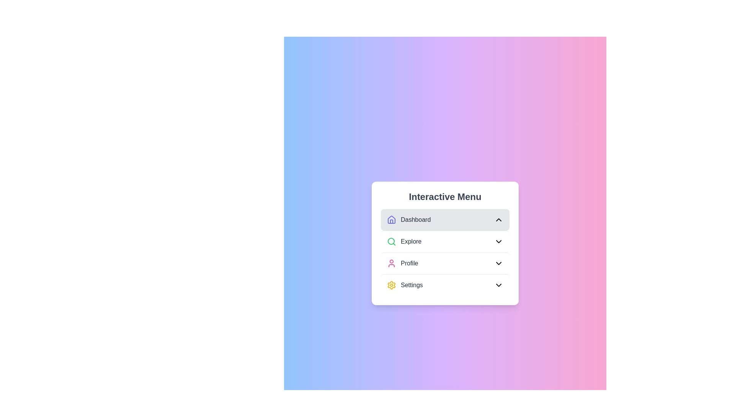 The width and height of the screenshot is (735, 413). Describe the element at coordinates (445, 285) in the screenshot. I see `the menu item Settings to preview its interaction` at that location.